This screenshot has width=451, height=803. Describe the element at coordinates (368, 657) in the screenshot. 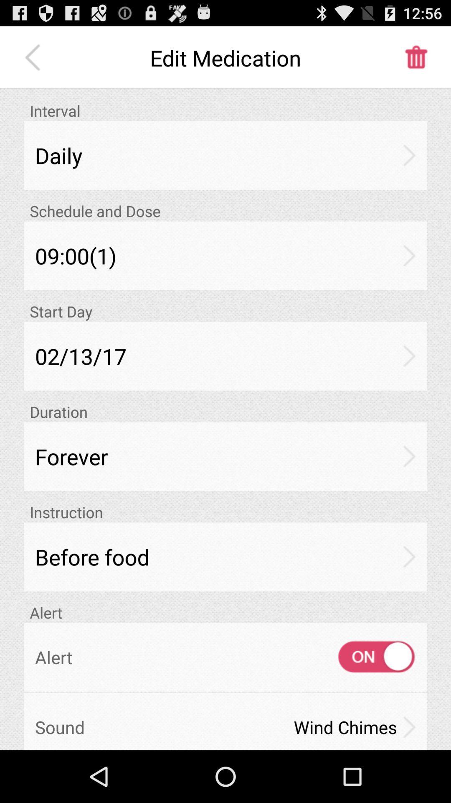

I see `the icon above the wind chimes icon` at that location.